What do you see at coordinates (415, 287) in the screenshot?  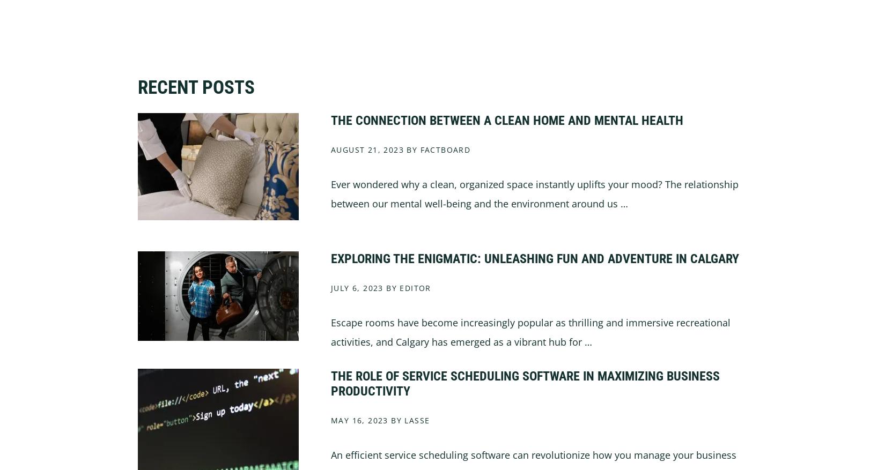 I see `'Editor'` at bounding box center [415, 287].